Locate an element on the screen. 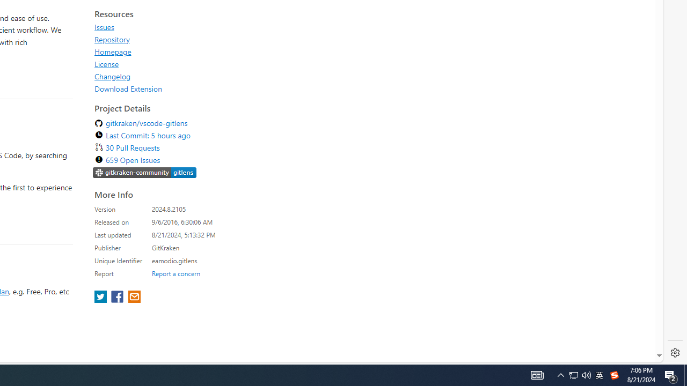 The width and height of the screenshot is (687, 386). 'share extension on facebook' is located at coordinates (118, 298).